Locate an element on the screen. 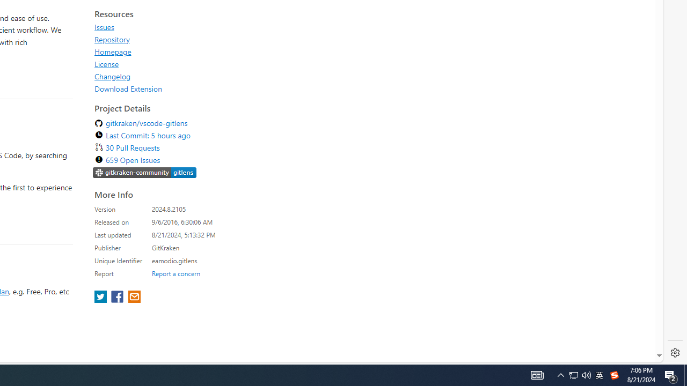 The width and height of the screenshot is (687, 386). 'share extension on facebook' is located at coordinates (118, 298).